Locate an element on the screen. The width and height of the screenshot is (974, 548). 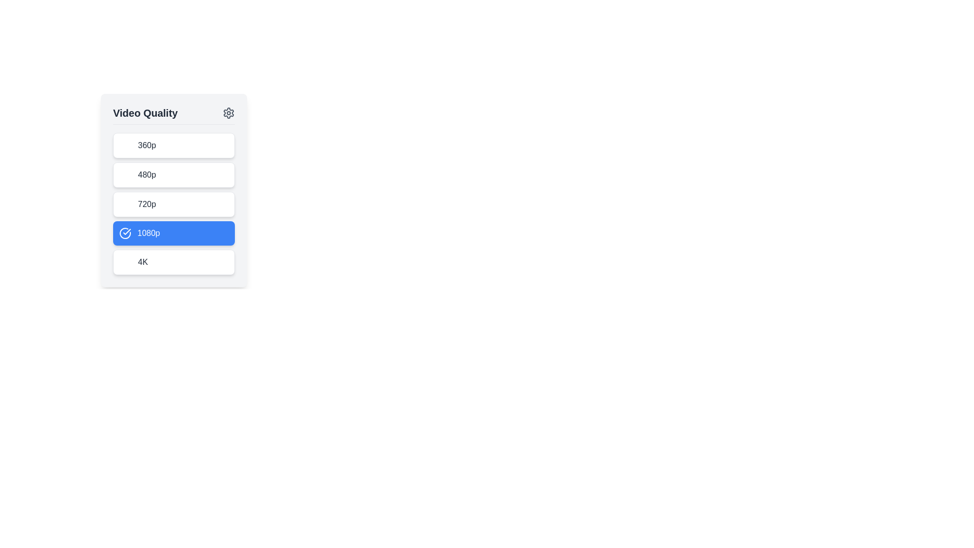
the circular blue icon with a checkmark labeled '1080p' in the Video Quality selection menu is located at coordinates (124, 233).